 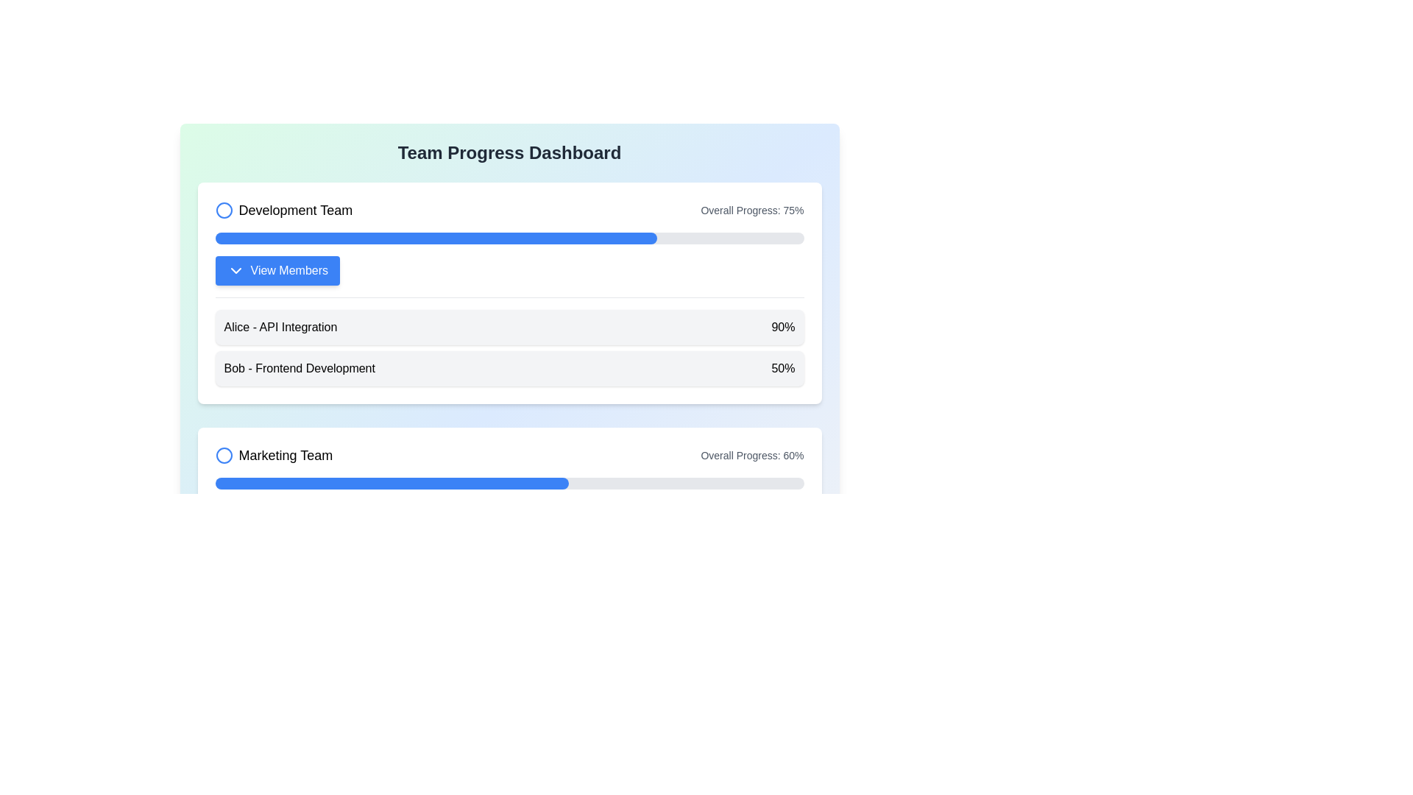 What do you see at coordinates (289, 270) in the screenshot?
I see `the blue 'View Members' button located below the progress bar in the 'Development Team' section` at bounding box center [289, 270].